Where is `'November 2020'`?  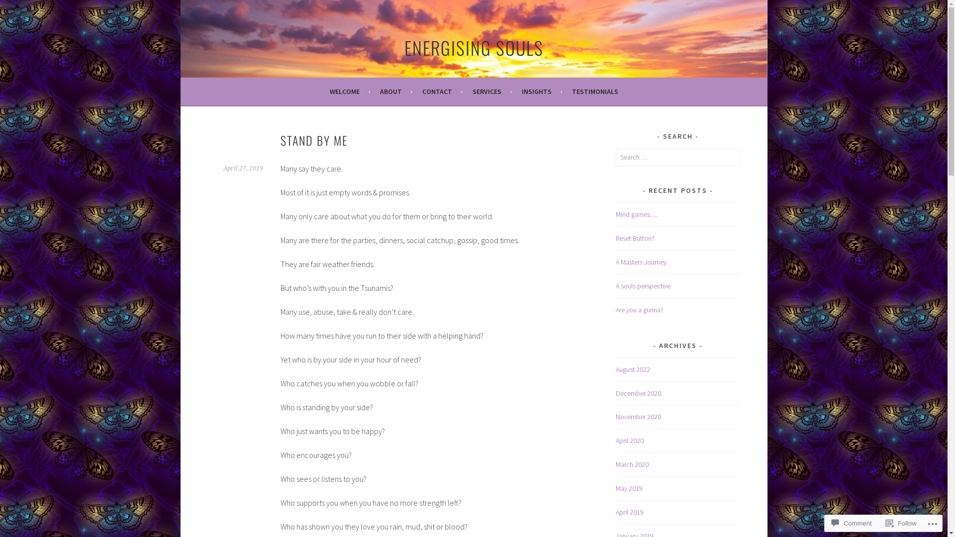 'November 2020' is located at coordinates (638, 416).